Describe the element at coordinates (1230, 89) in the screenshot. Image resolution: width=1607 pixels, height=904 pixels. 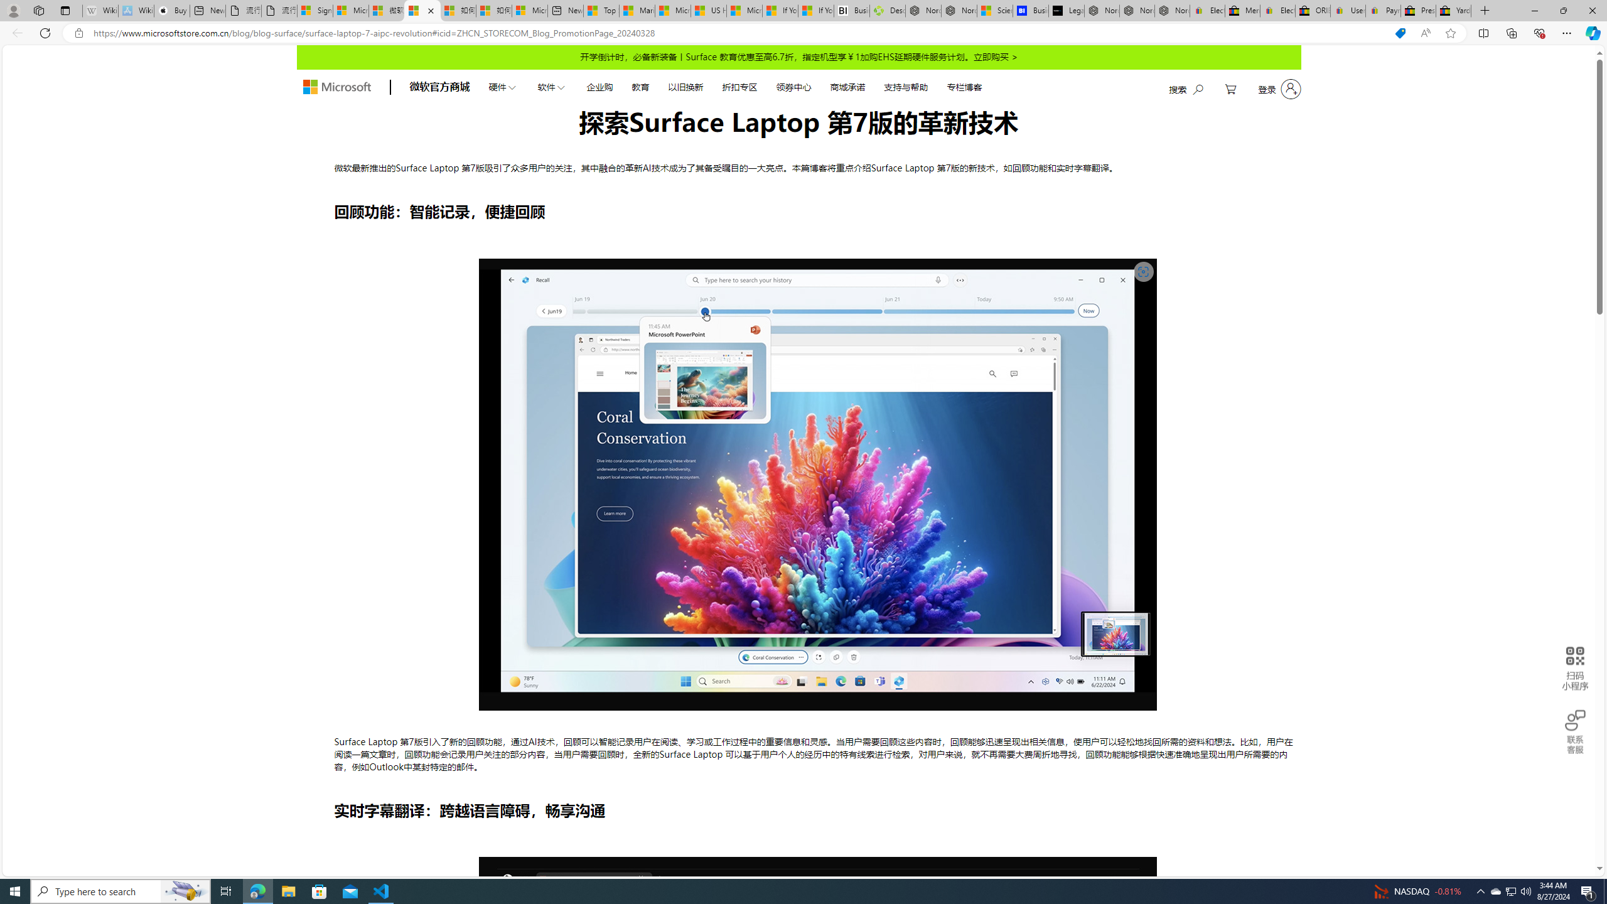
I see `'My Cart'` at that location.